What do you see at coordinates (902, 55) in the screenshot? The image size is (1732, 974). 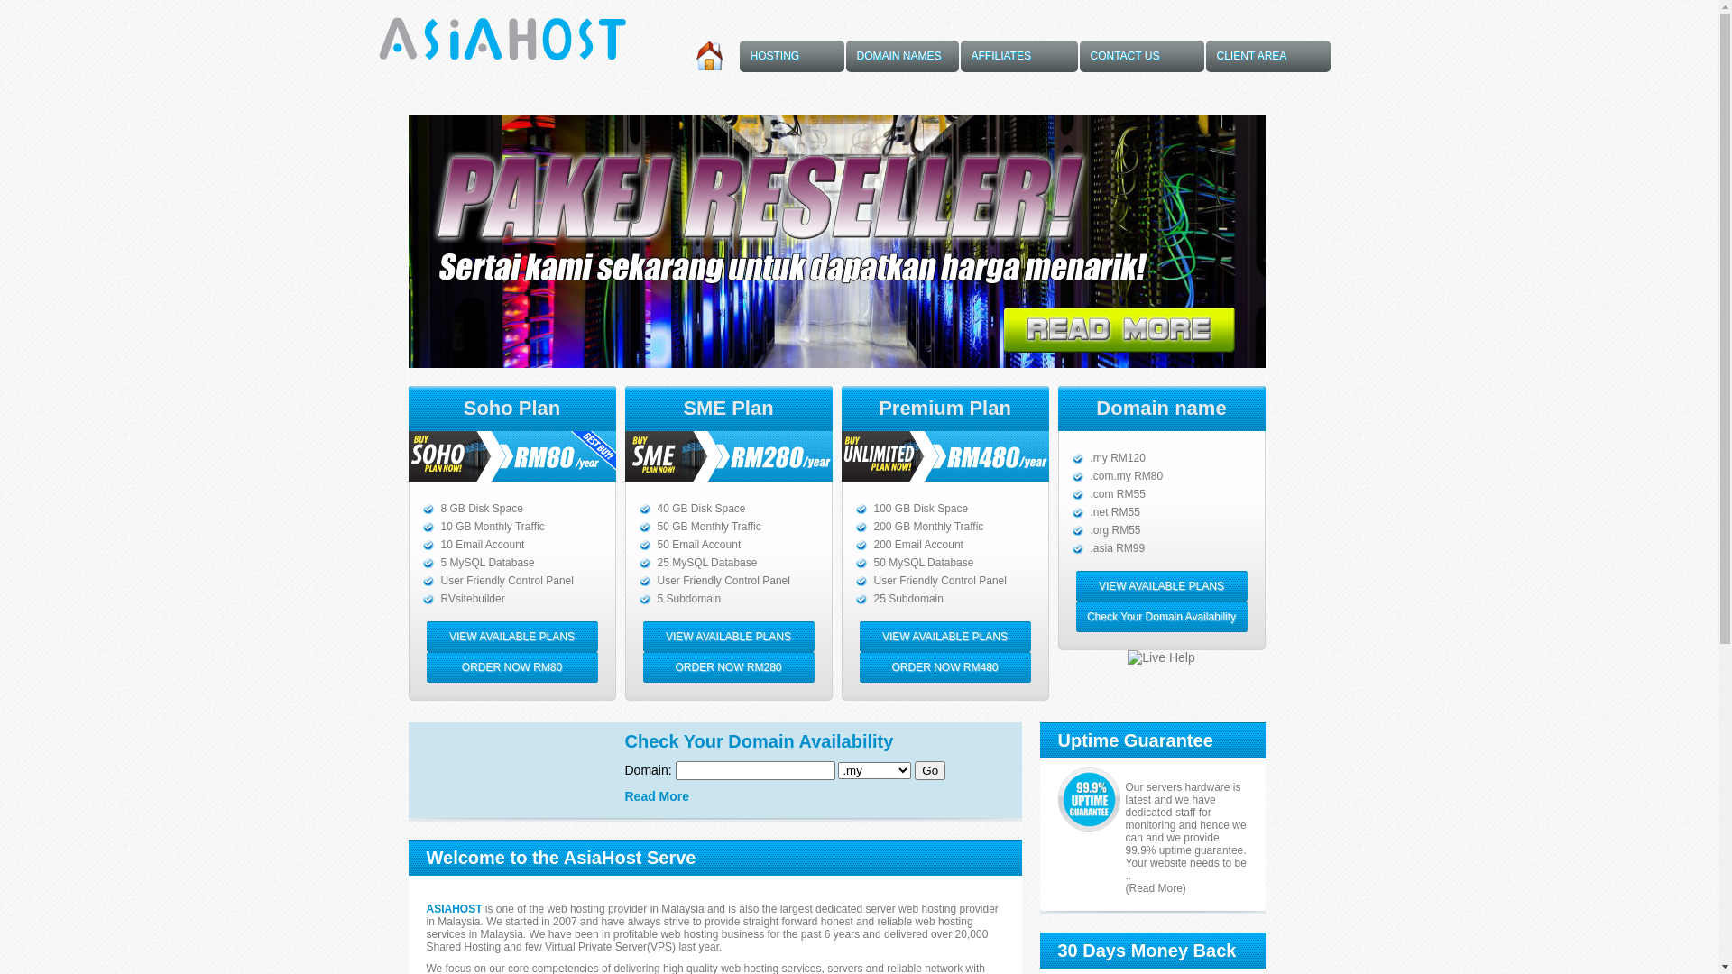 I see `'DOMAIN NAMES'` at bounding box center [902, 55].